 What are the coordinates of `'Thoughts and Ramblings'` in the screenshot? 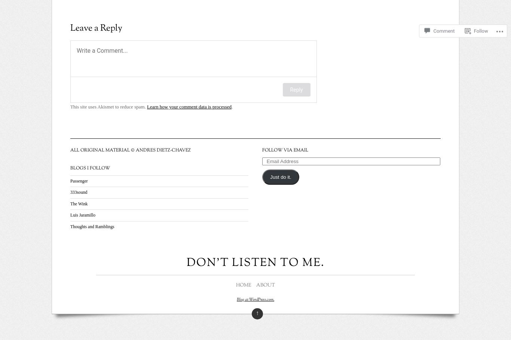 It's located at (92, 226).